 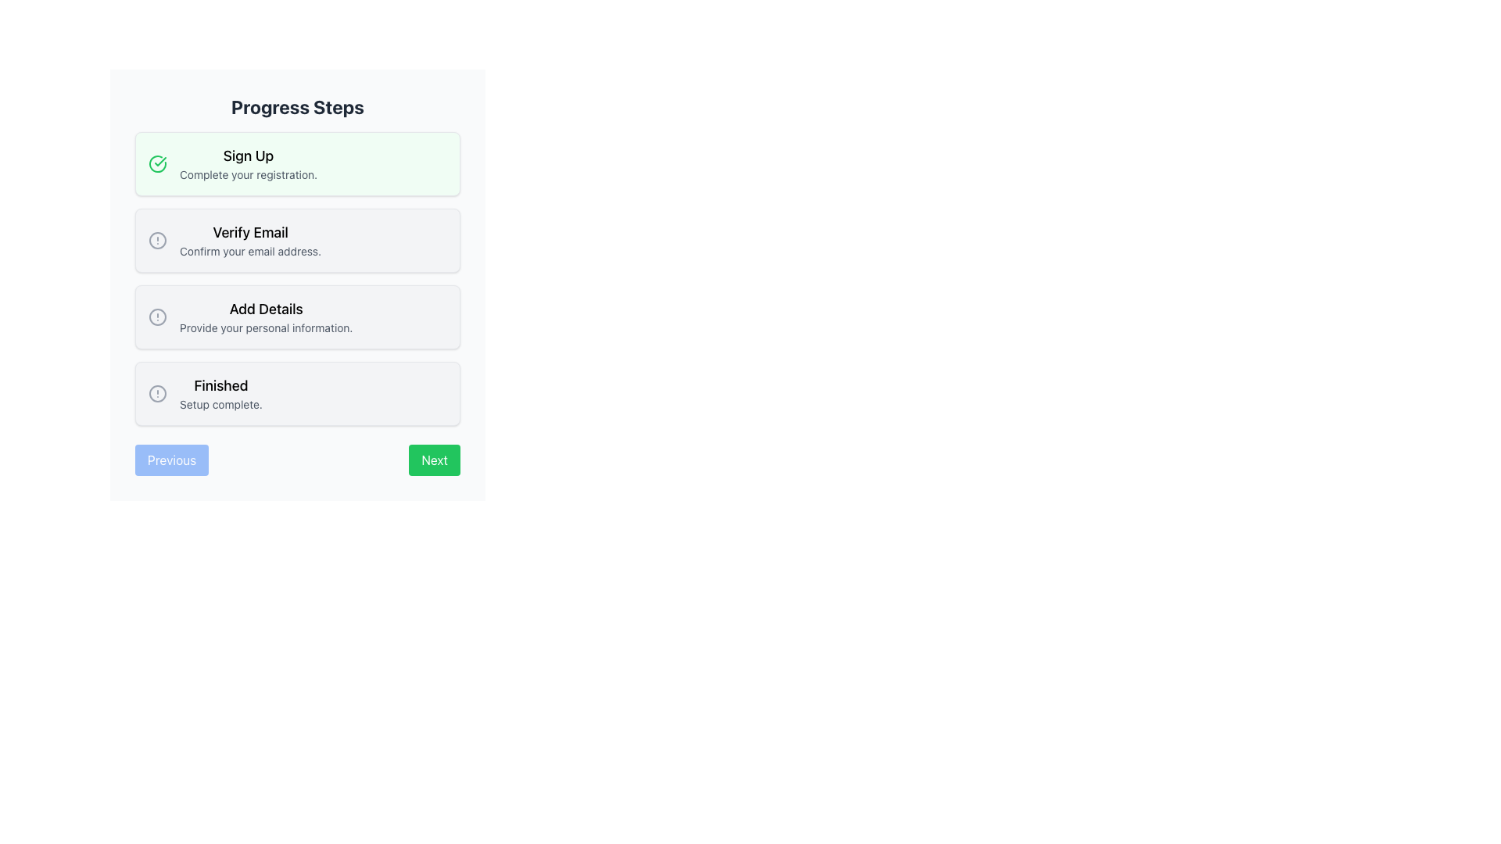 I want to click on the first Status card or step indicator that indicates the completion of the 'Sign Up' process, located at the top of the vertical list of similar cards, so click(x=297, y=163).